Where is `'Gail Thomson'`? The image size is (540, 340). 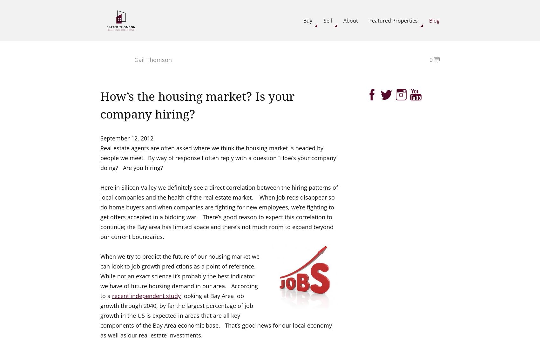
'Gail Thomson' is located at coordinates (153, 59).